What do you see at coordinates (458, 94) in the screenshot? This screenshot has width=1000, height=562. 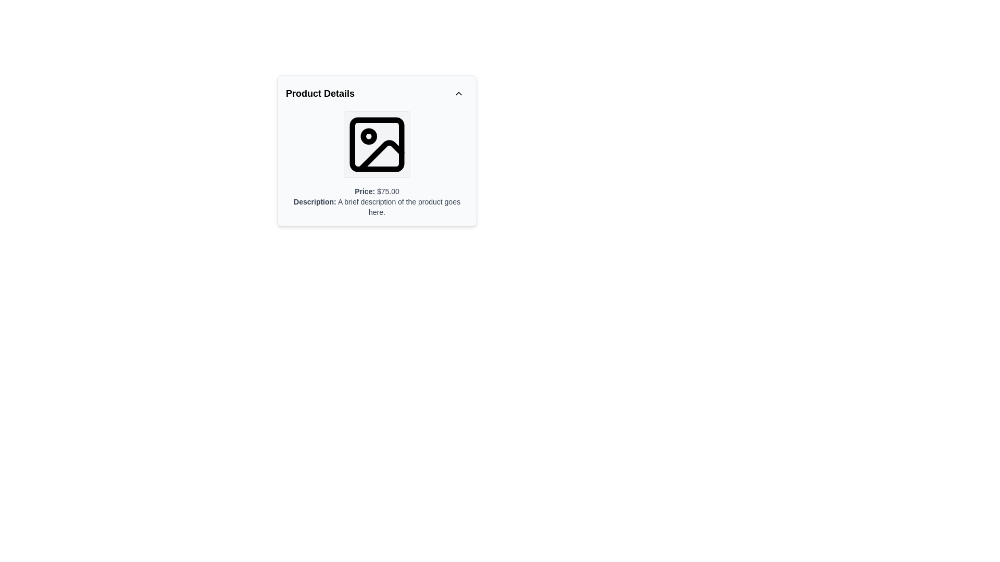 I see `the toggle button located at the top-right corner of the 'Product Details' section` at bounding box center [458, 94].